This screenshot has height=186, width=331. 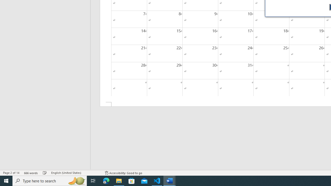 What do you see at coordinates (76, 180) in the screenshot?
I see `'Search highlights icon opens search home window'` at bounding box center [76, 180].